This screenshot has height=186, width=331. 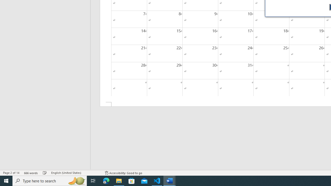 What do you see at coordinates (76, 180) in the screenshot?
I see `'Search highlights icon opens search home window'` at bounding box center [76, 180].